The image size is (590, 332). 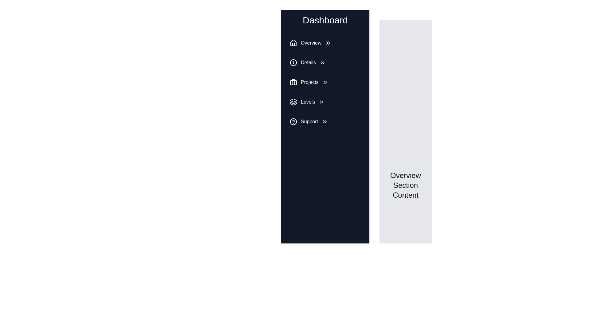 What do you see at coordinates (293, 82) in the screenshot?
I see `the SVG rectangle shape that represents the 'Projects' section within the briefcase icon in the left sidebar of the interface, located between 'Details' and 'Levels'` at bounding box center [293, 82].